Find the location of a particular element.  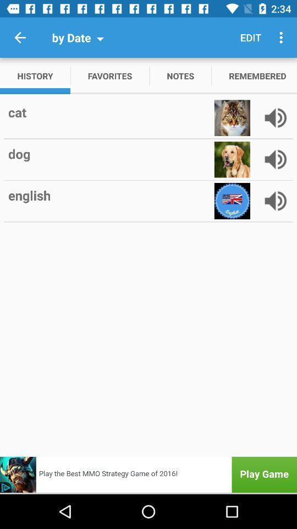

item to the left of the by date is located at coordinates (20, 37).